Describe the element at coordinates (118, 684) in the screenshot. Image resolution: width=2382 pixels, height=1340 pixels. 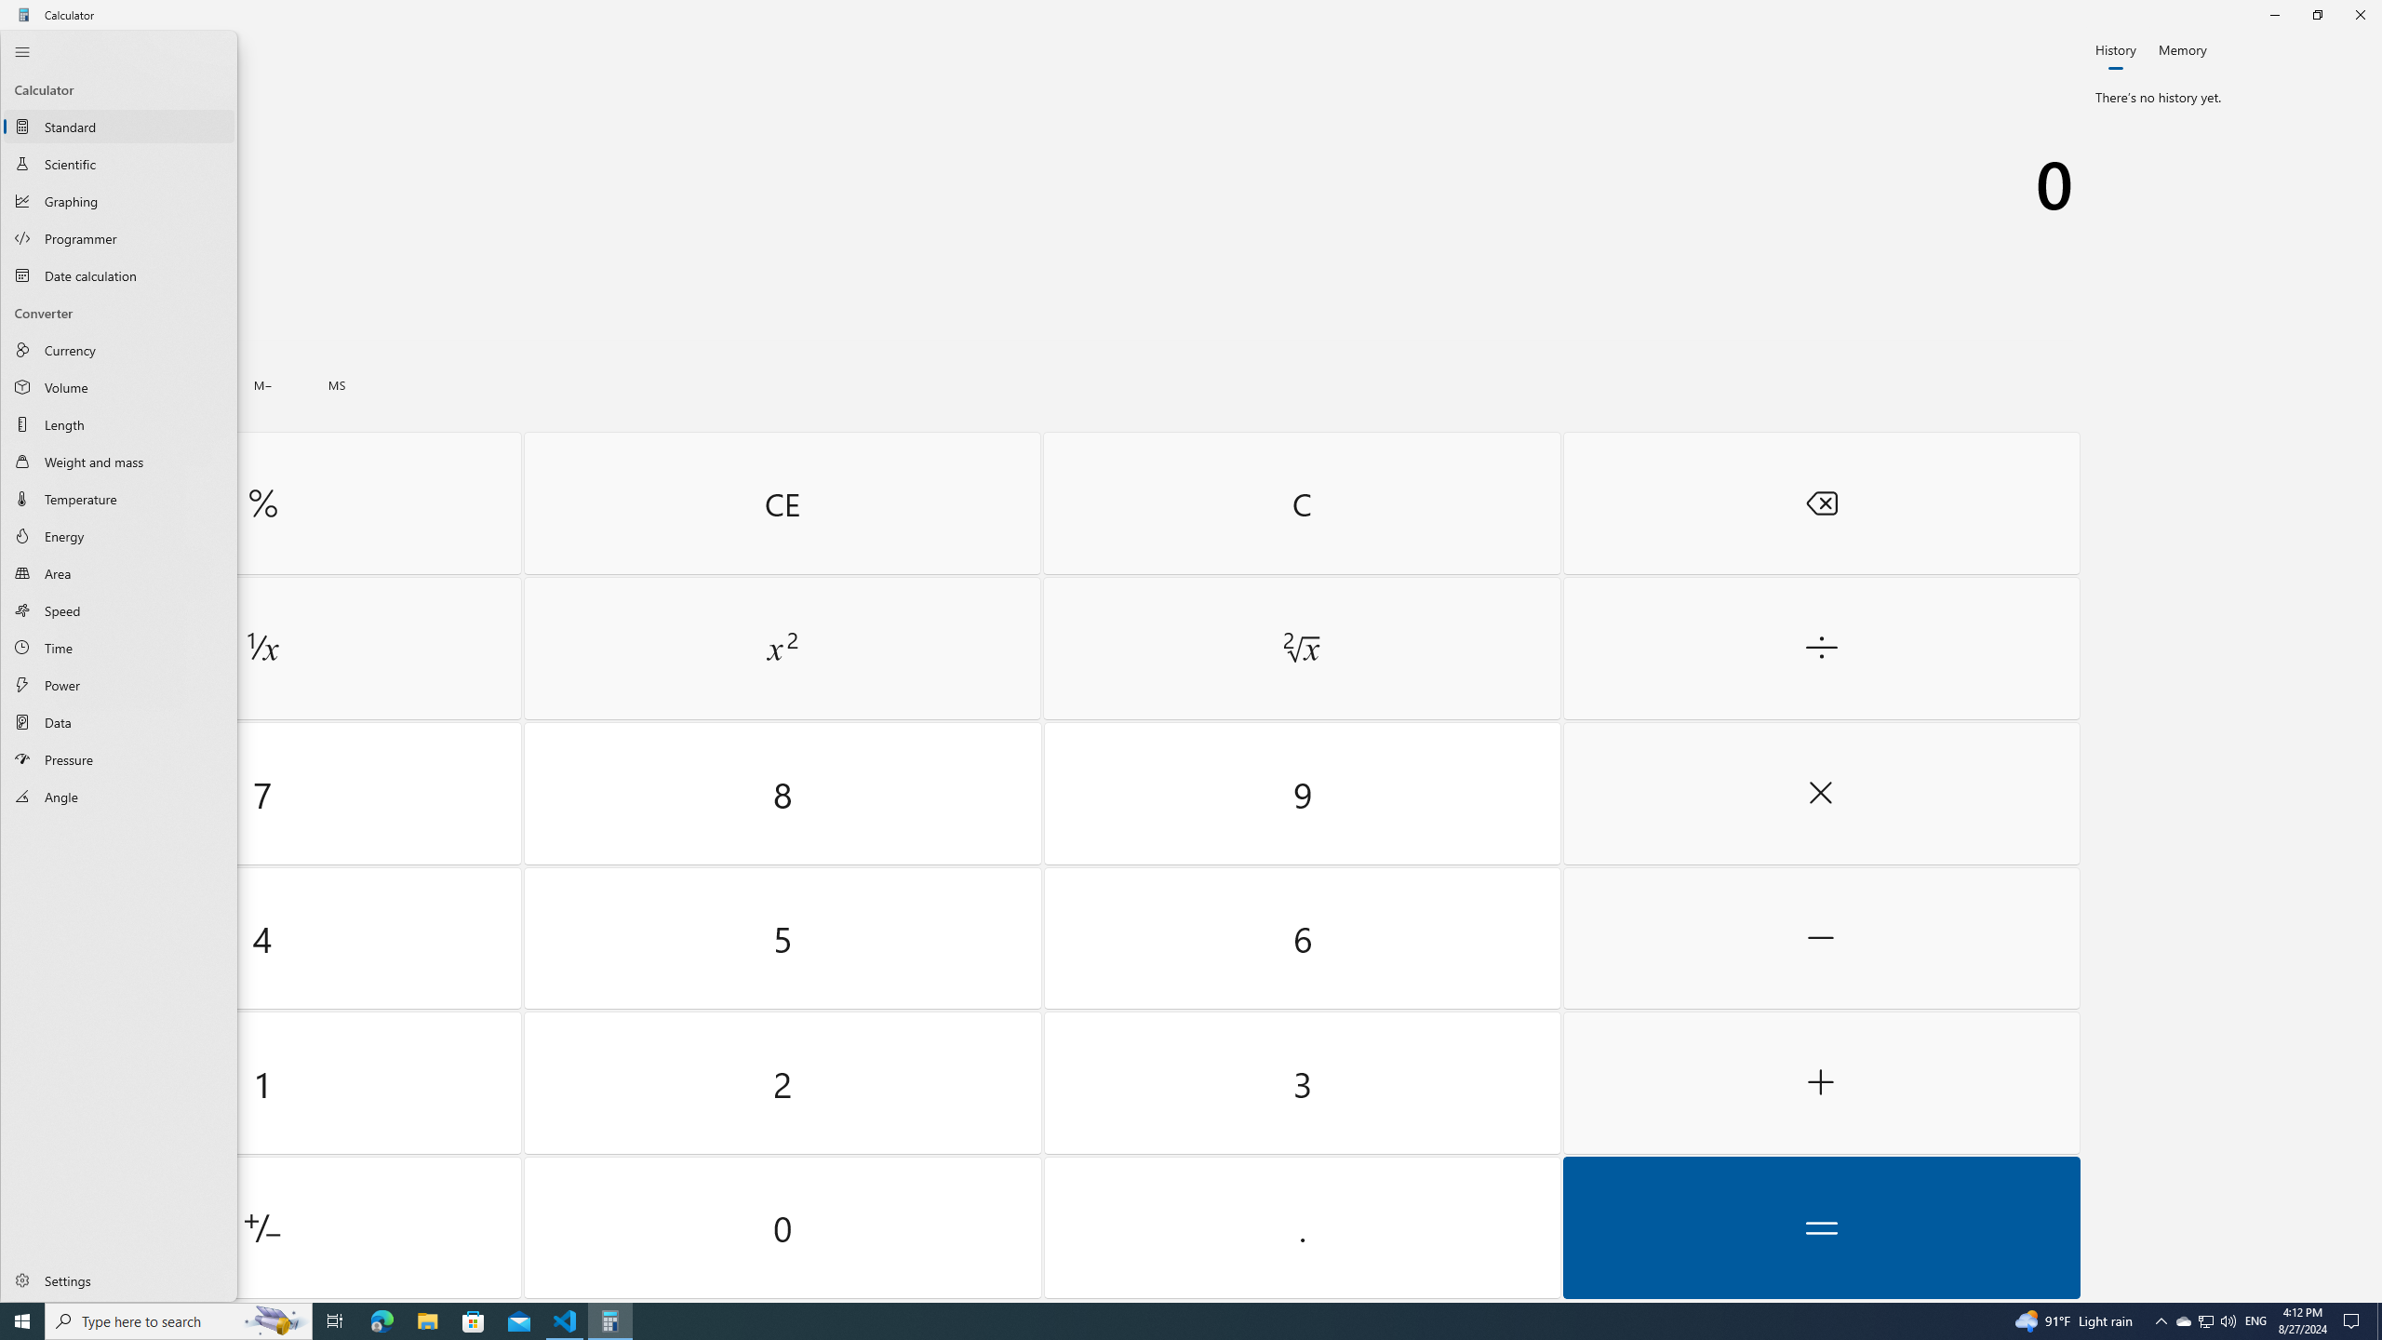
I see `'Power Converter'` at that location.